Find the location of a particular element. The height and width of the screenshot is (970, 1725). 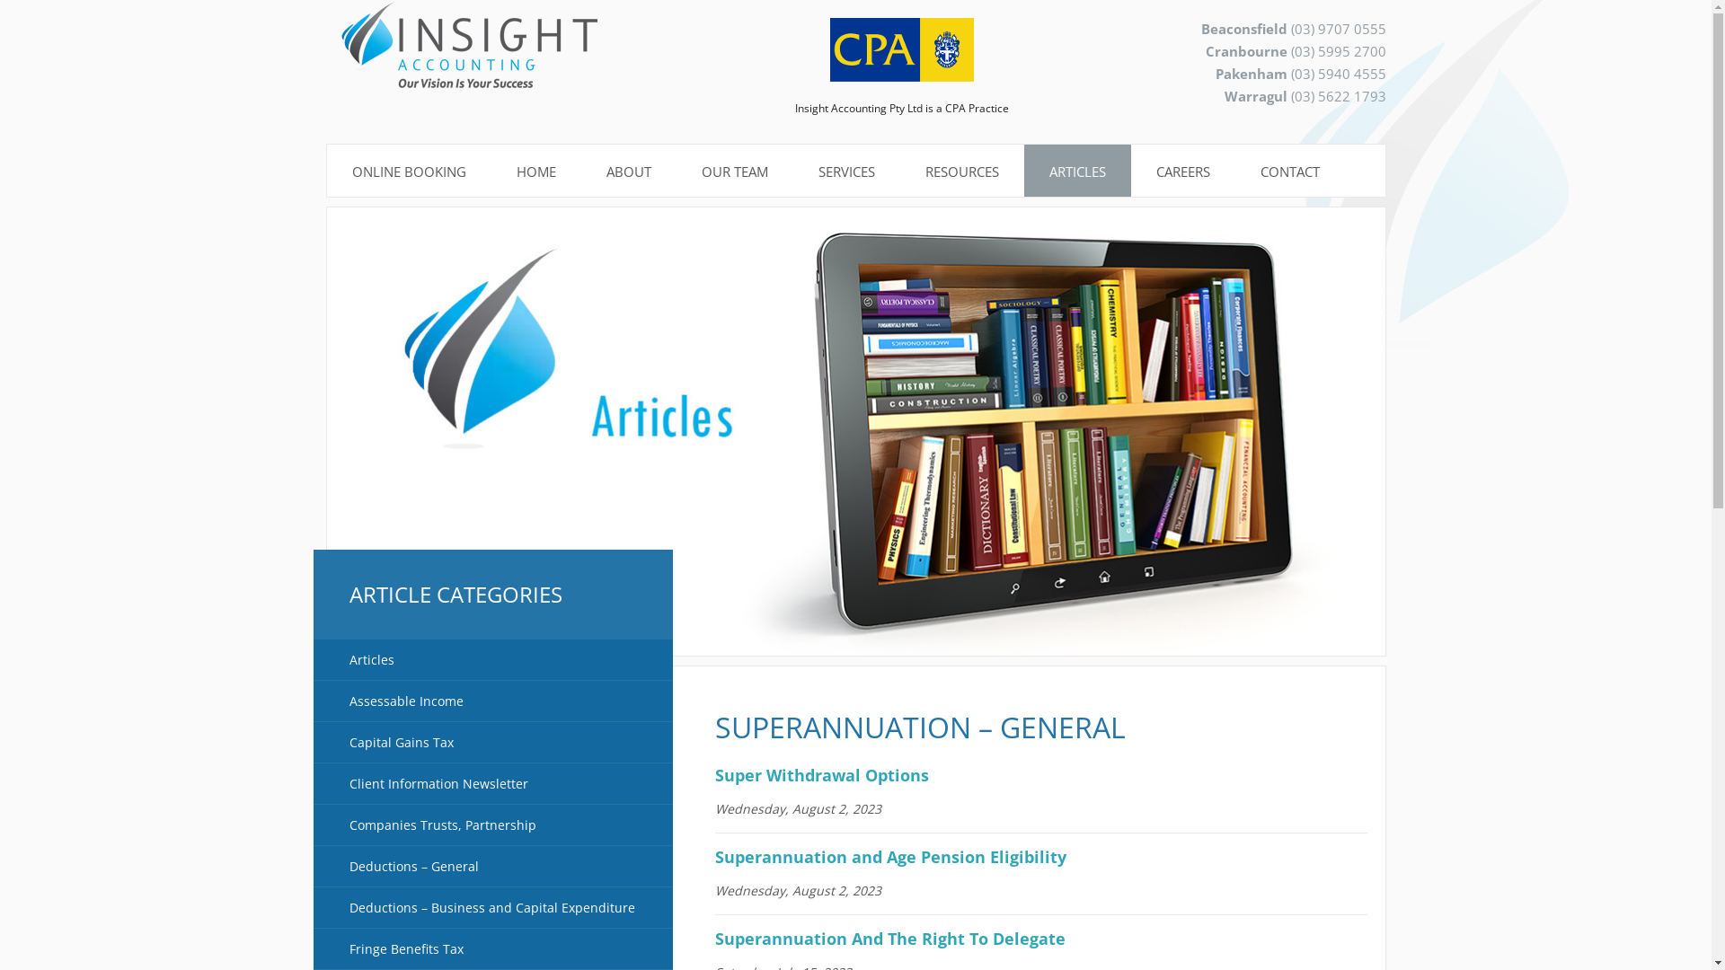

'Superannuation and Age Pension Eligibility  ' is located at coordinates (895, 855).